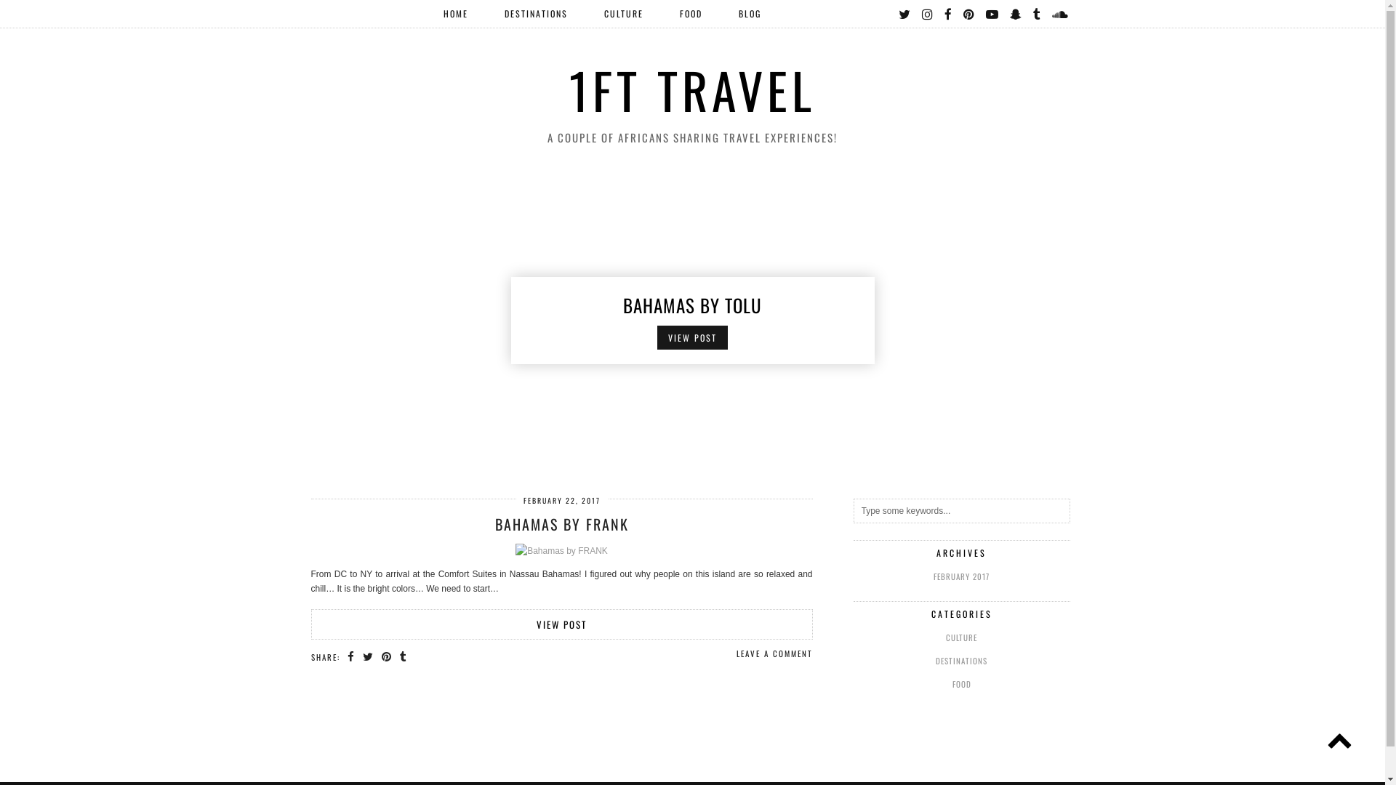  I want to click on 'Share on Pinterest', so click(386, 656).